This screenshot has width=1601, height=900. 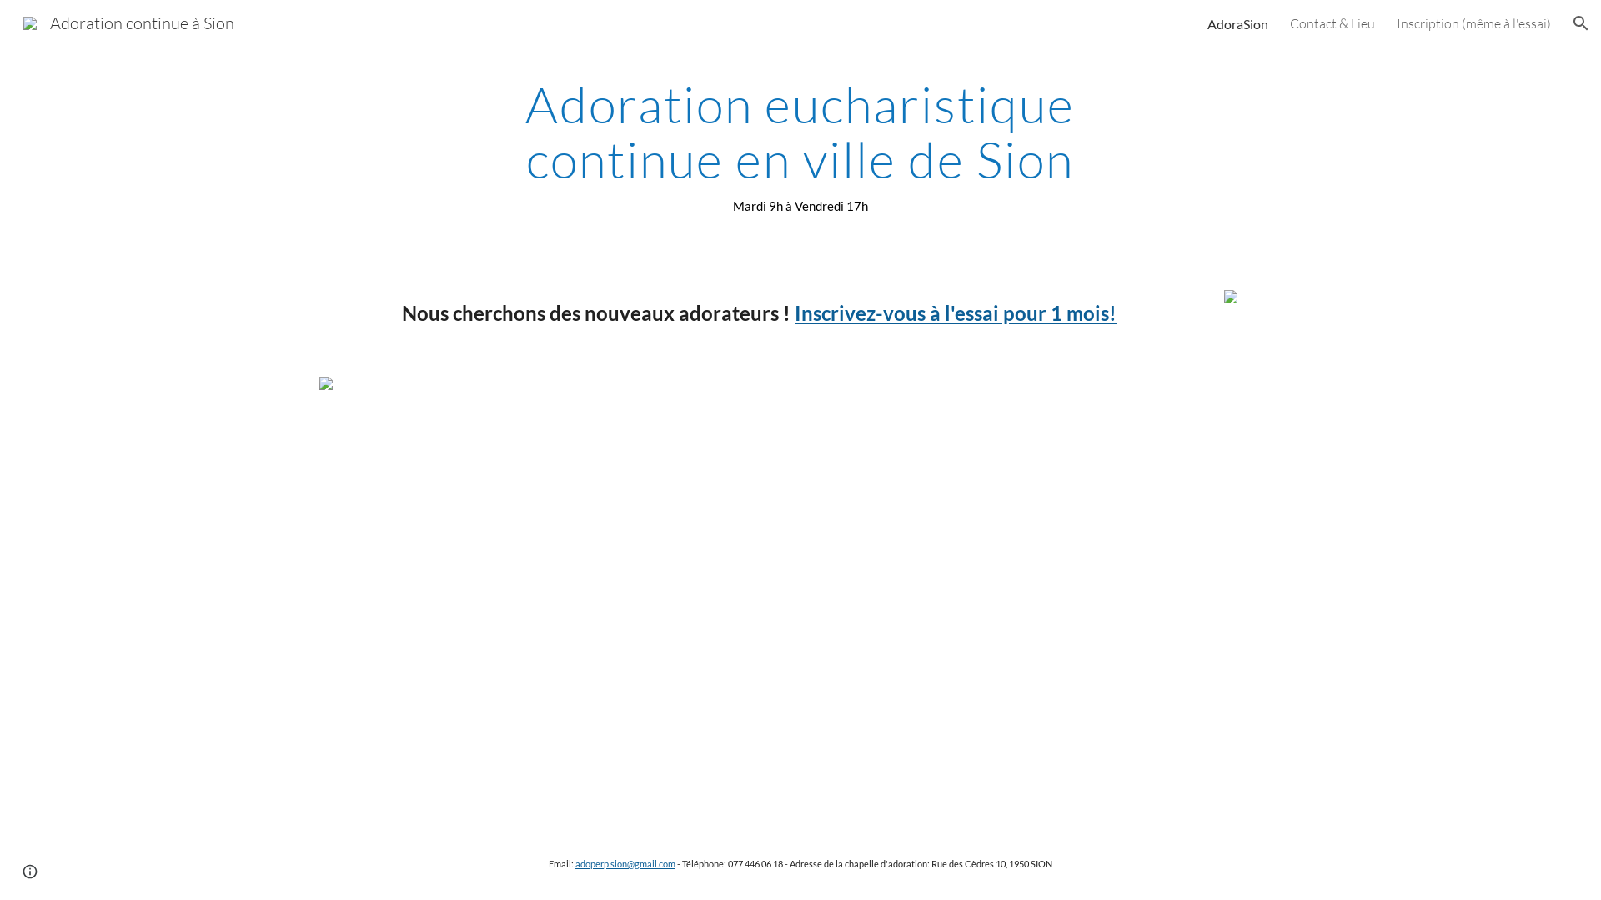 I want to click on 'AdoraSion', so click(x=1207, y=22).